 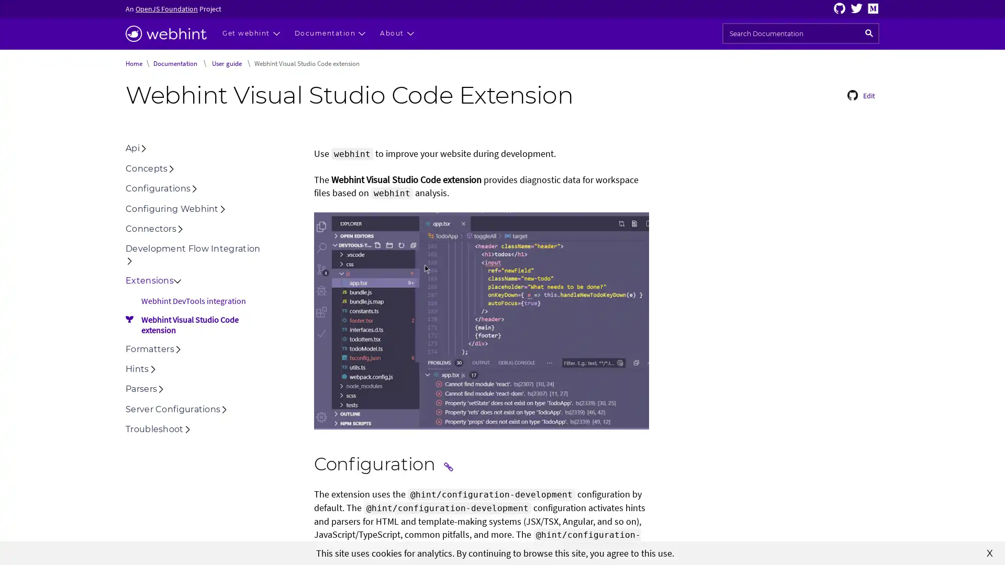 What do you see at coordinates (989, 552) in the screenshot?
I see `close` at bounding box center [989, 552].